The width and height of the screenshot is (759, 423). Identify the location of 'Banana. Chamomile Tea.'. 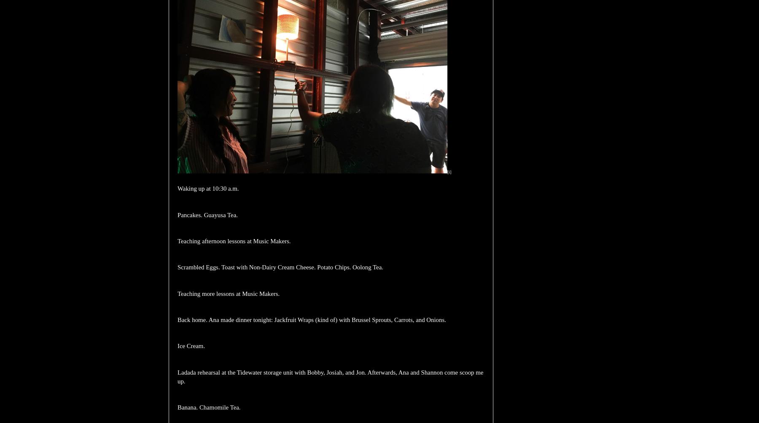
(208, 407).